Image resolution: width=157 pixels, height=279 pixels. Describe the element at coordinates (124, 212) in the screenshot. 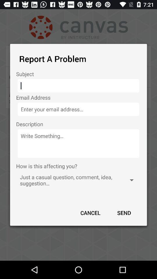

I see `the item to the right of the cancel item` at that location.